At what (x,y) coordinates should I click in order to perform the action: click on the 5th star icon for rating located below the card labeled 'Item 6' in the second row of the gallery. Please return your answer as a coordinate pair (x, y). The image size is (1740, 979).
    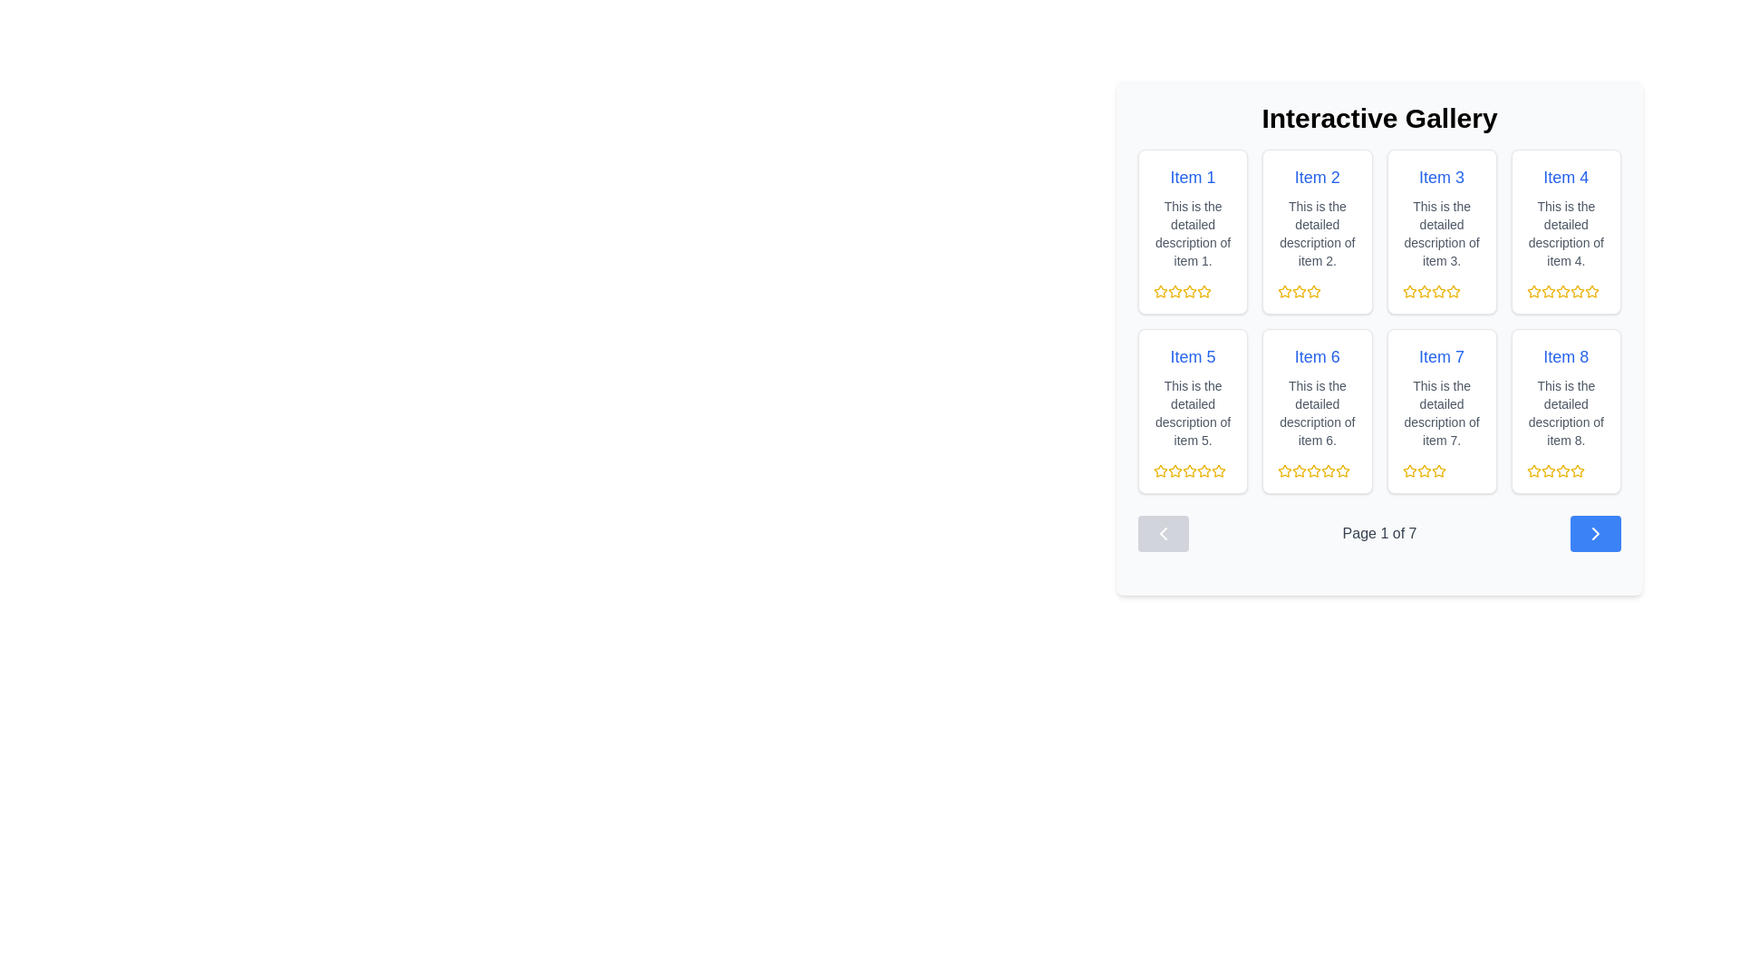
    Looking at the image, I should click on (1343, 470).